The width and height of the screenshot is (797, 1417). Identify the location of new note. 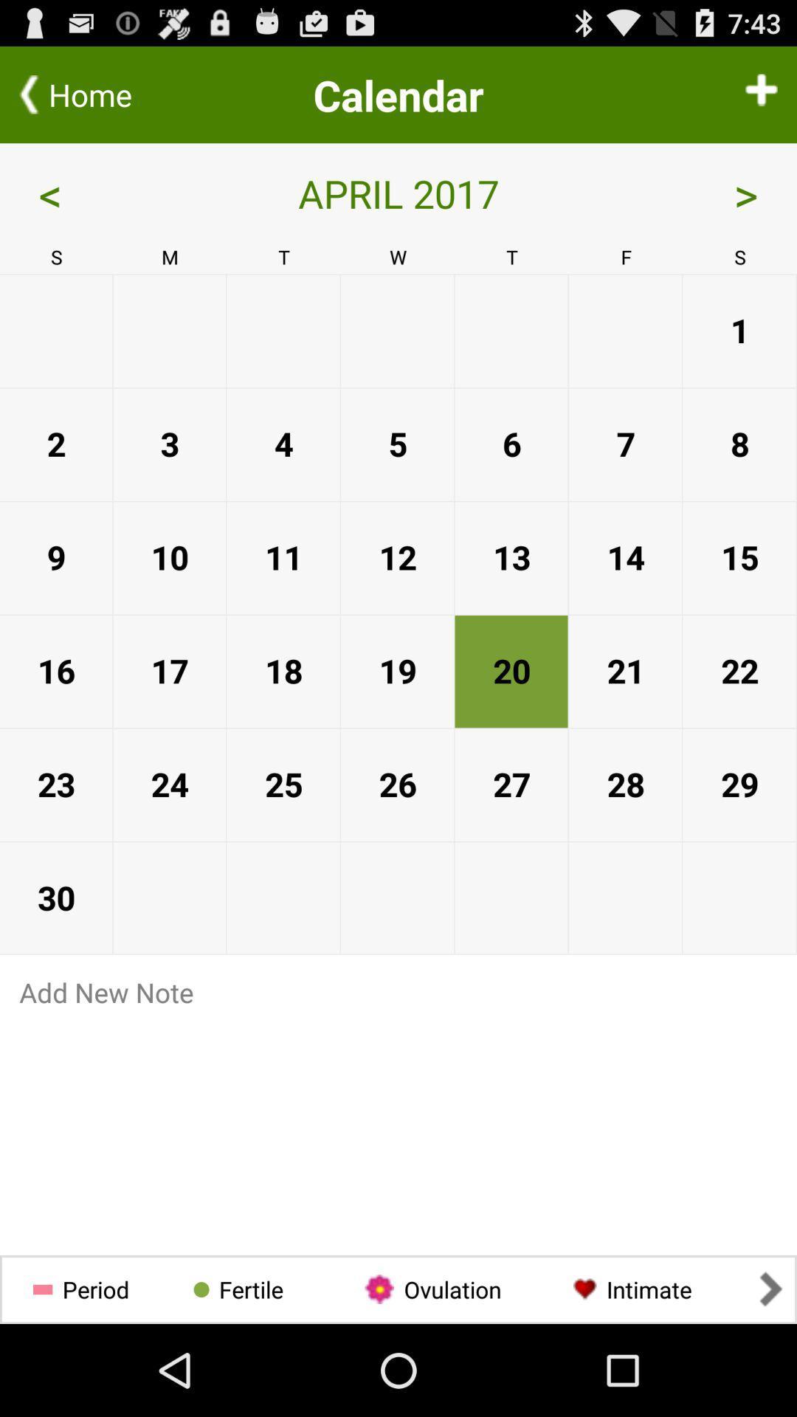
(398, 992).